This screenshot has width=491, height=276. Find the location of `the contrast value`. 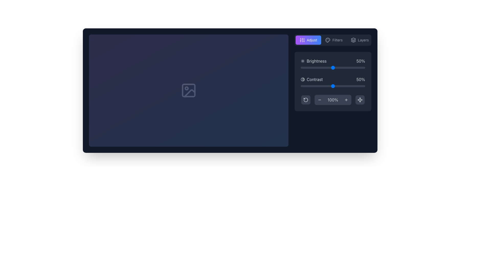

the contrast value is located at coordinates (348, 86).